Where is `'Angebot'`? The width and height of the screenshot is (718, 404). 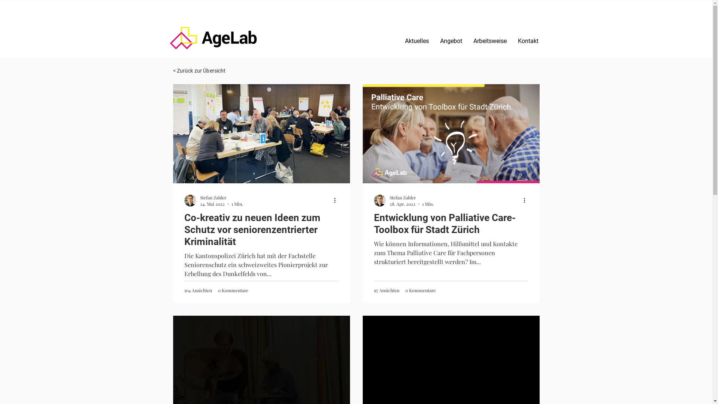
'Angebot' is located at coordinates (434, 40).